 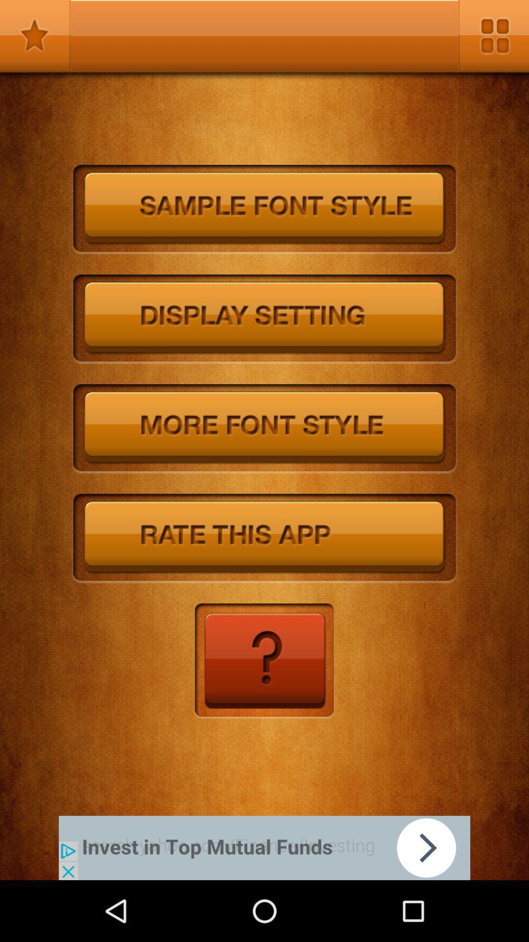 What do you see at coordinates (493, 35) in the screenshot?
I see `open settings` at bounding box center [493, 35].